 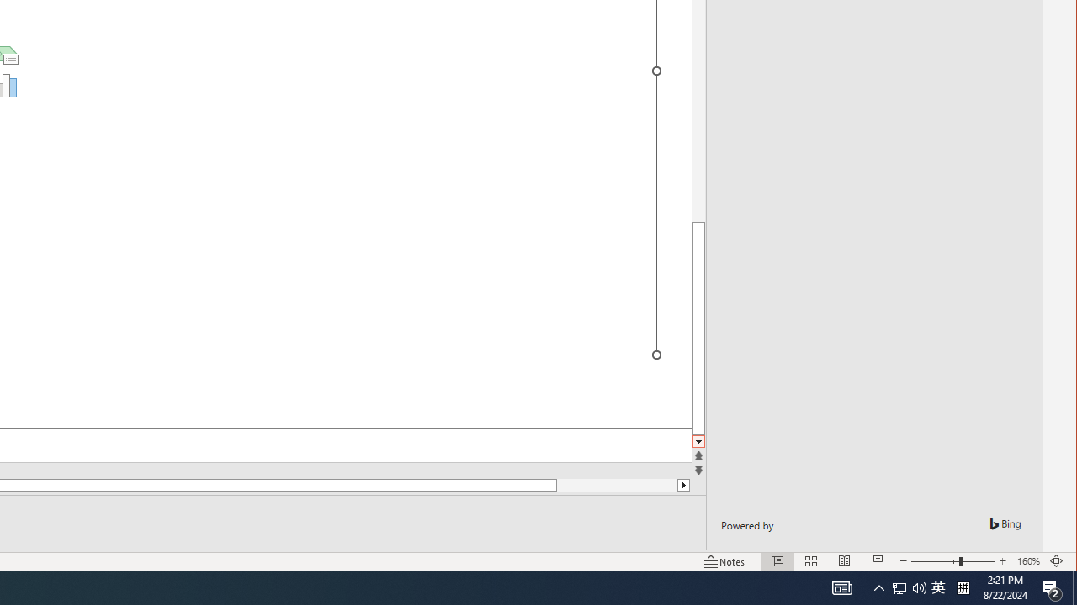 I want to click on 'Zoom 160%', so click(x=1027, y=561).